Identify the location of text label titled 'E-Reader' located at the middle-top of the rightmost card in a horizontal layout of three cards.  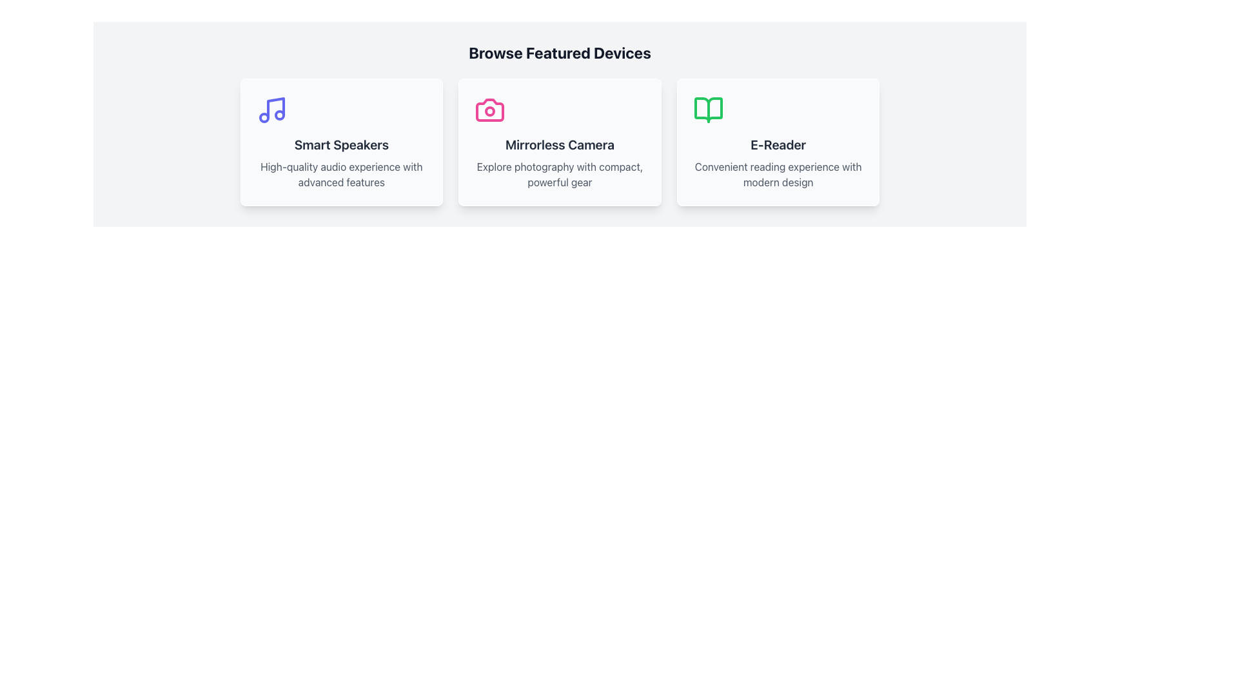
(778, 144).